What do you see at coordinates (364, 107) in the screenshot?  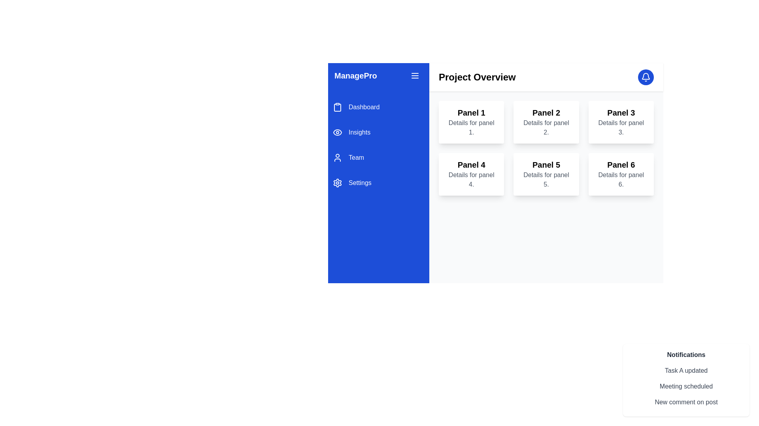 I see `the 'Dashboard' label, which is the first selectable option in the vertical menu beside a clipboard icon` at bounding box center [364, 107].